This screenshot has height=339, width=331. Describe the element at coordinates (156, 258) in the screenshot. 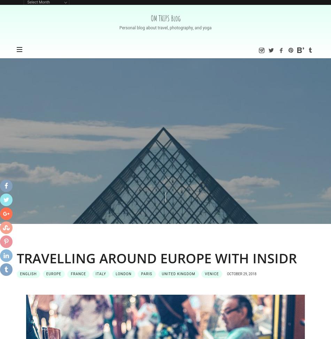

I see `'Travelling around Europe with INSIDR'` at that location.